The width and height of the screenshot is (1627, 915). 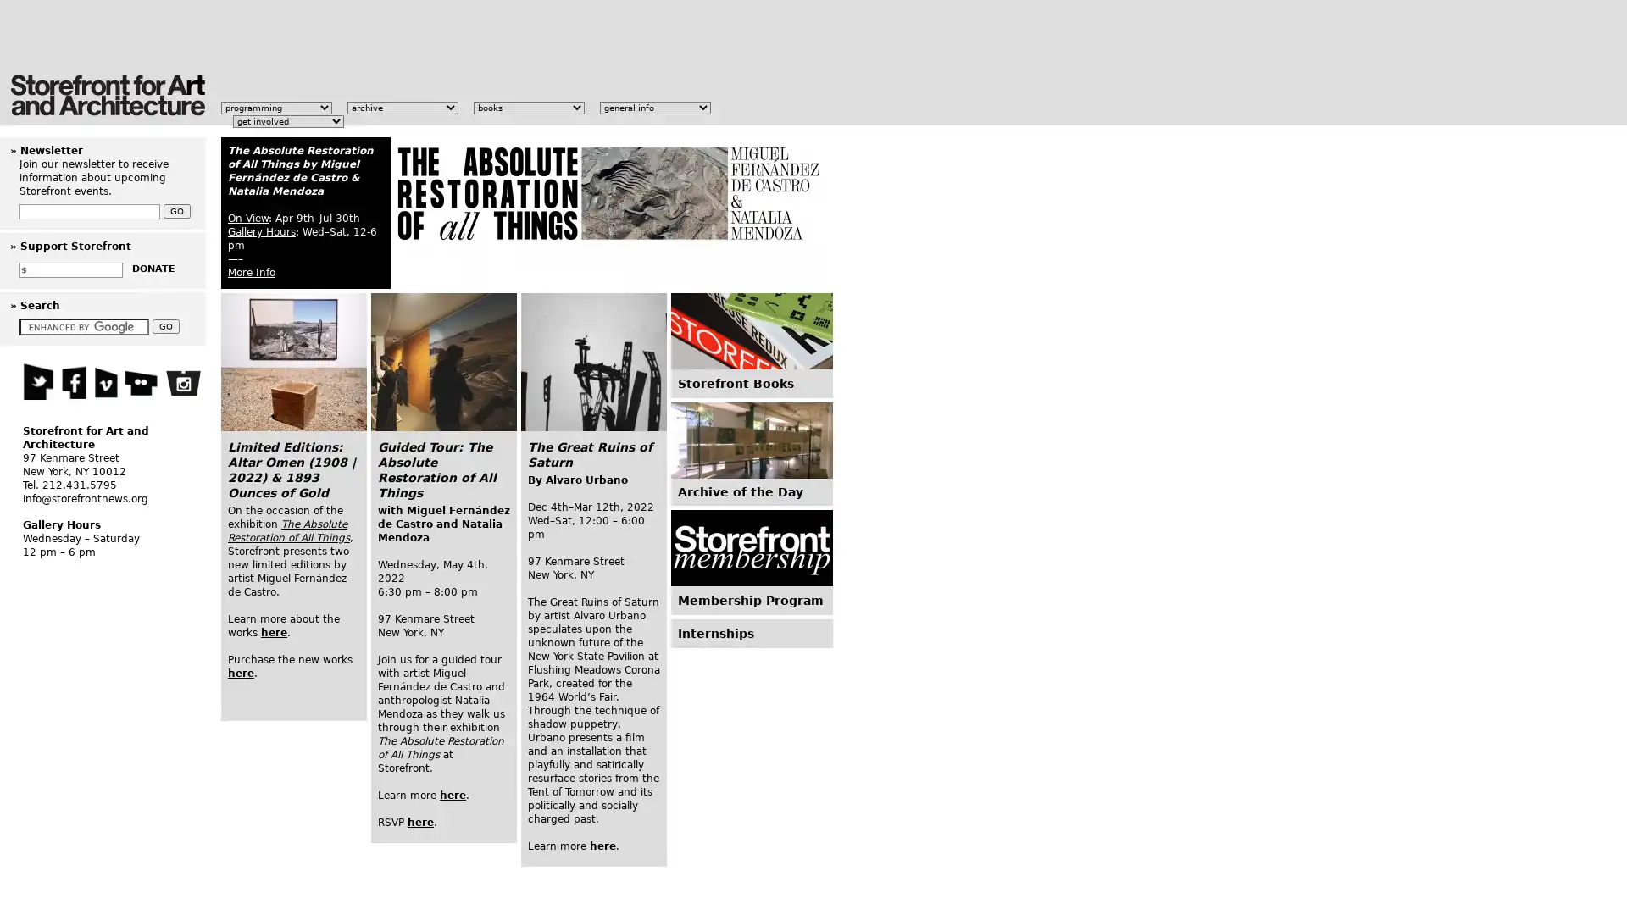 What do you see at coordinates (166, 326) in the screenshot?
I see `GO` at bounding box center [166, 326].